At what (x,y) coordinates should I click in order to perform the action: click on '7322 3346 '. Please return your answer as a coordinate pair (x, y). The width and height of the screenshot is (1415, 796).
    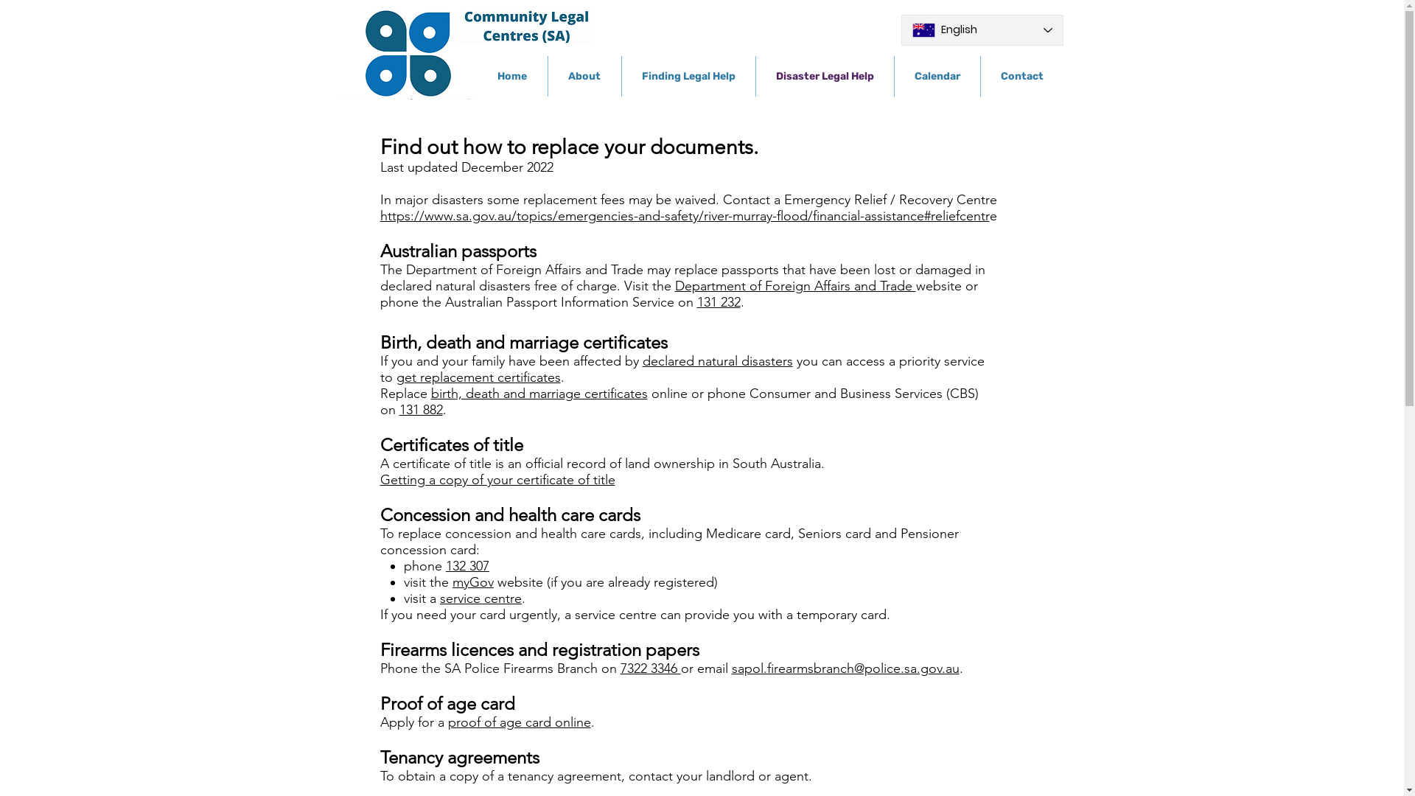
    Looking at the image, I should click on (650, 668).